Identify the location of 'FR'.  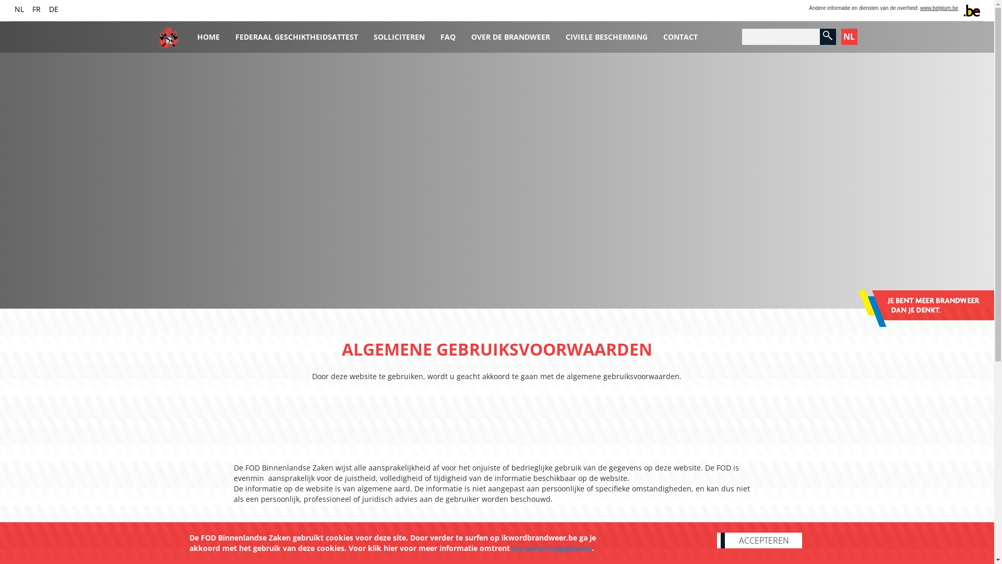
(37, 9).